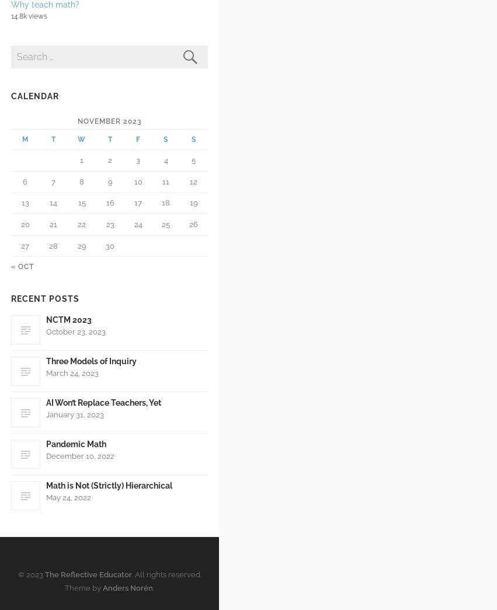 The image size is (497, 610). I want to click on '© 2023', so click(31, 574).